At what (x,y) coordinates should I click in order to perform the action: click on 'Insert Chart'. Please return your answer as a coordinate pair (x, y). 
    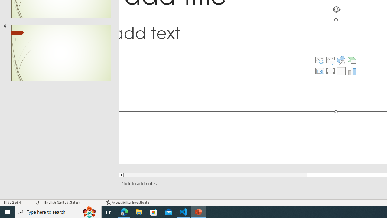
    Looking at the image, I should click on (352, 71).